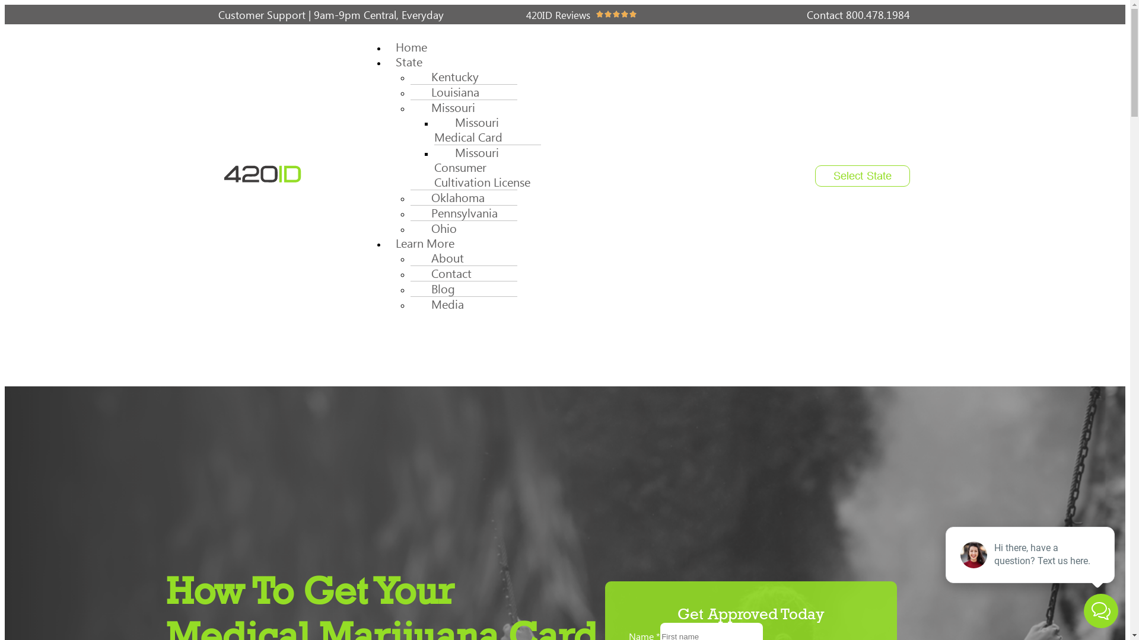 The image size is (1139, 640). Describe the element at coordinates (437, 289) in the screenshot. I see `'Blog'` at that location.